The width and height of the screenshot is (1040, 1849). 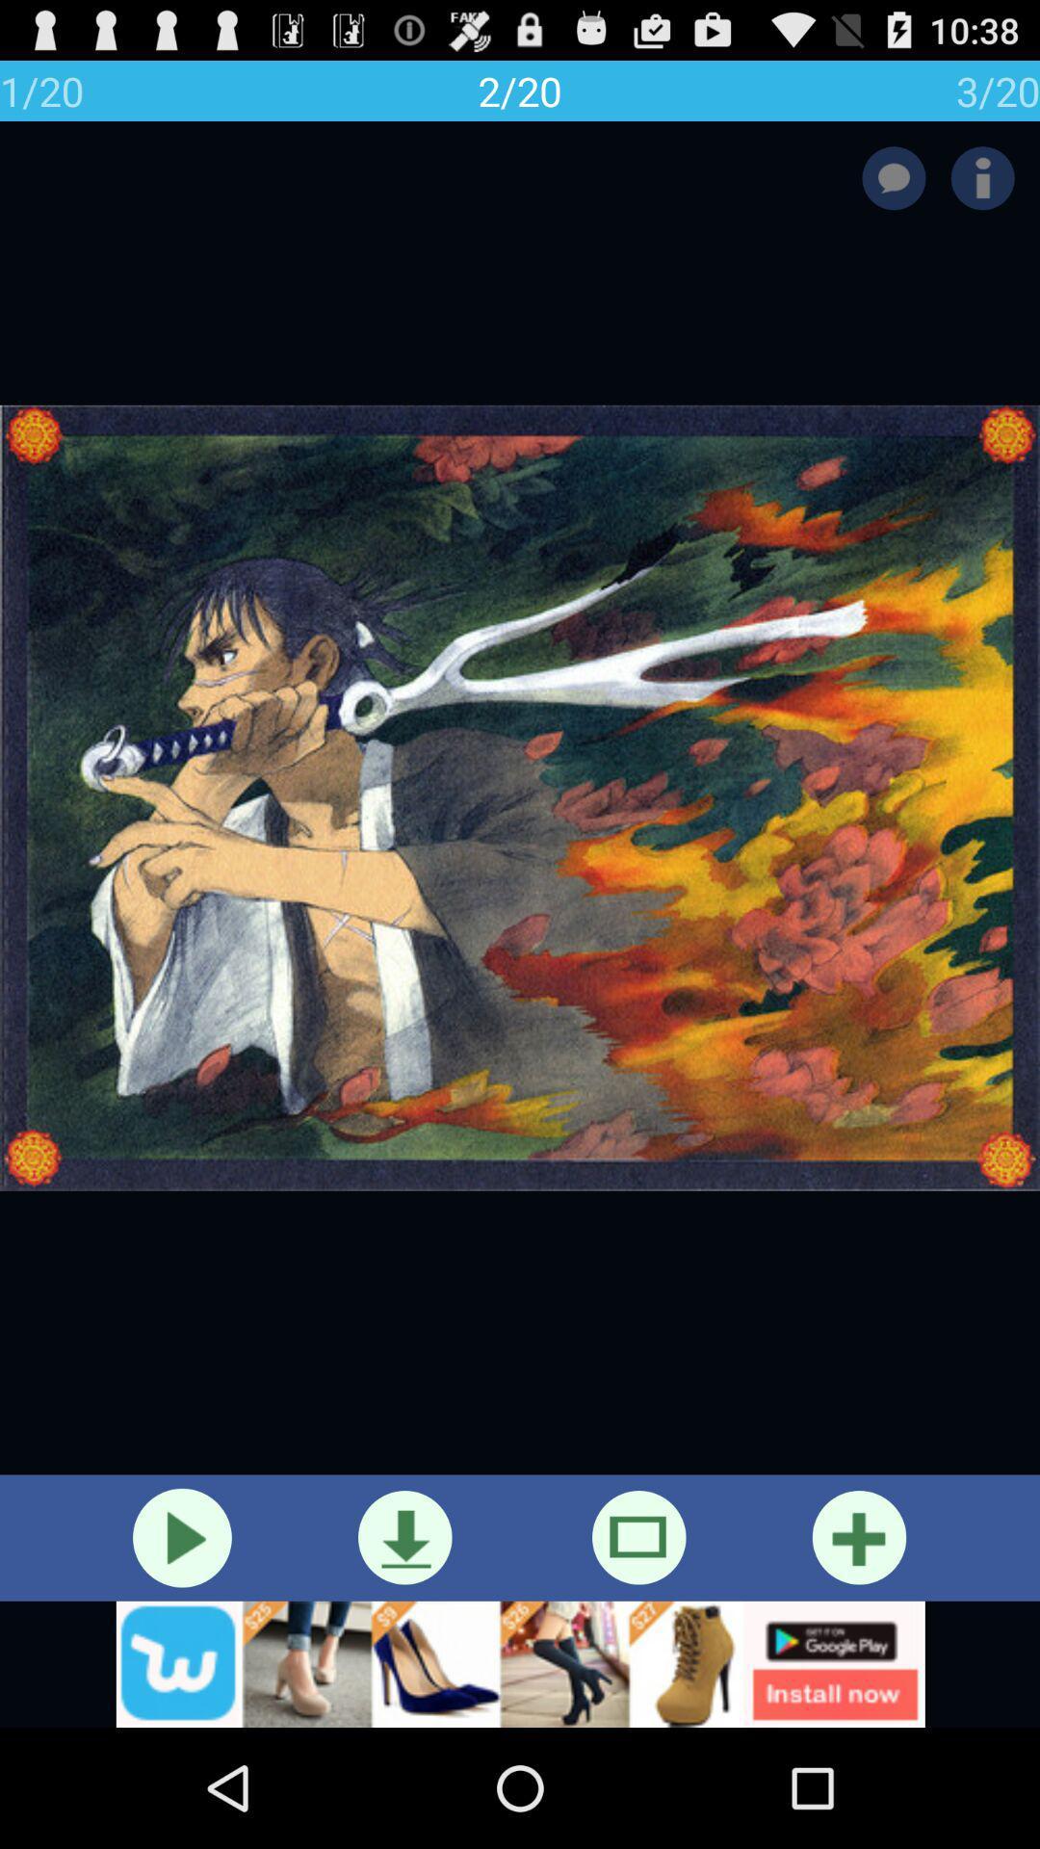 What do you see at coordinates (182, 1537) in the screenshot?
I see `video` at bounding box center [182, 1537].